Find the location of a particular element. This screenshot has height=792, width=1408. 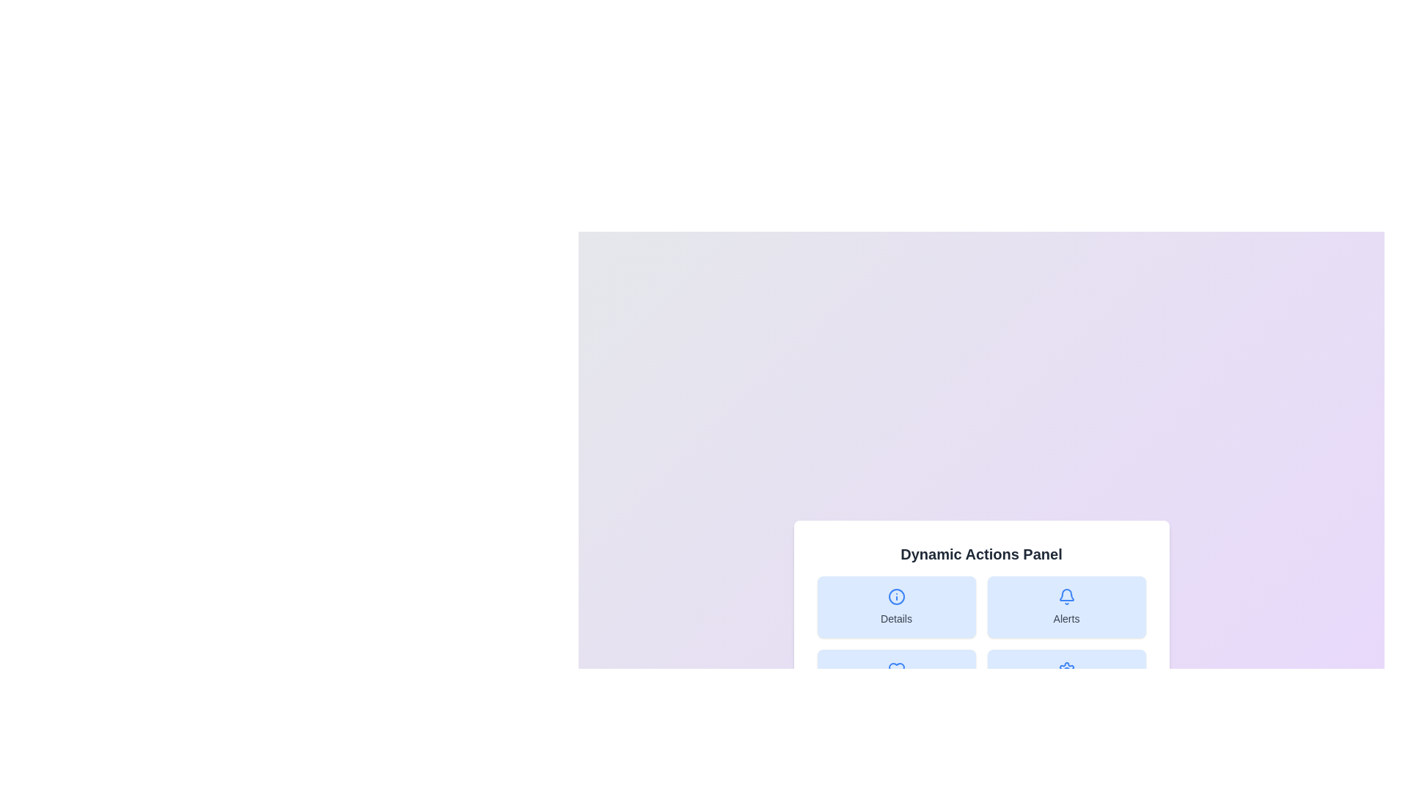

the 'Favorites' button located on the lower left side of the grid layout is located at coordinates (895, 681).